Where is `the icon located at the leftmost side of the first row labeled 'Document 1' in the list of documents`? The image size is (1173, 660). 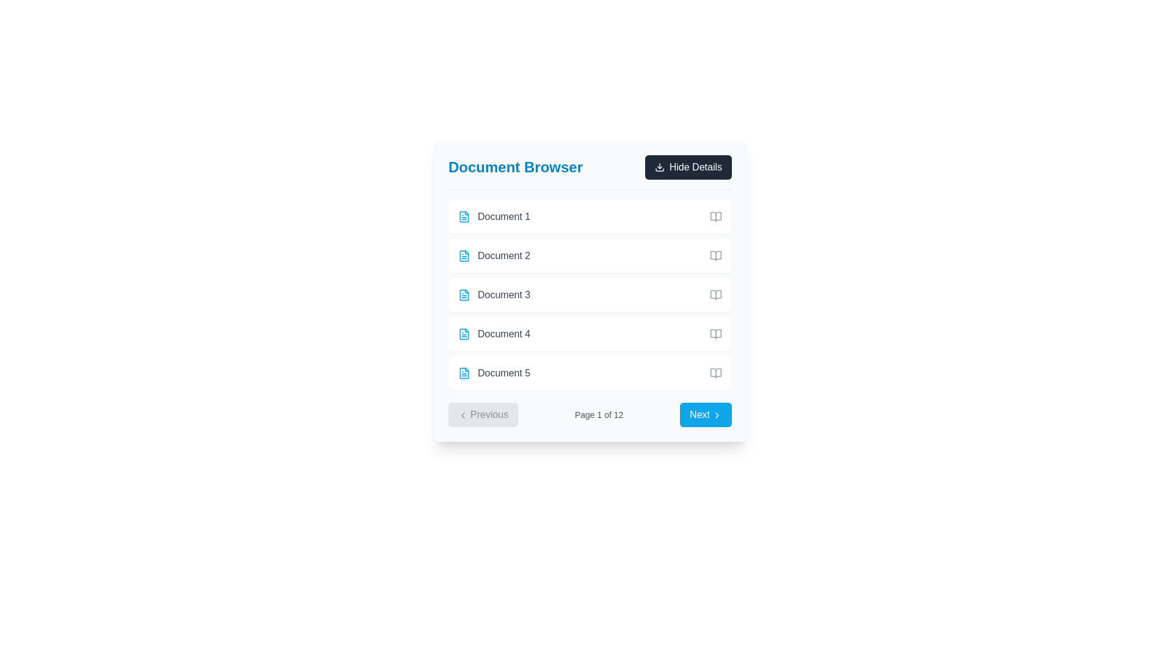
the icon located at the leftmost side of the first row labeled 'Document 1' in the list of documents is located at coordinates (463, 216).